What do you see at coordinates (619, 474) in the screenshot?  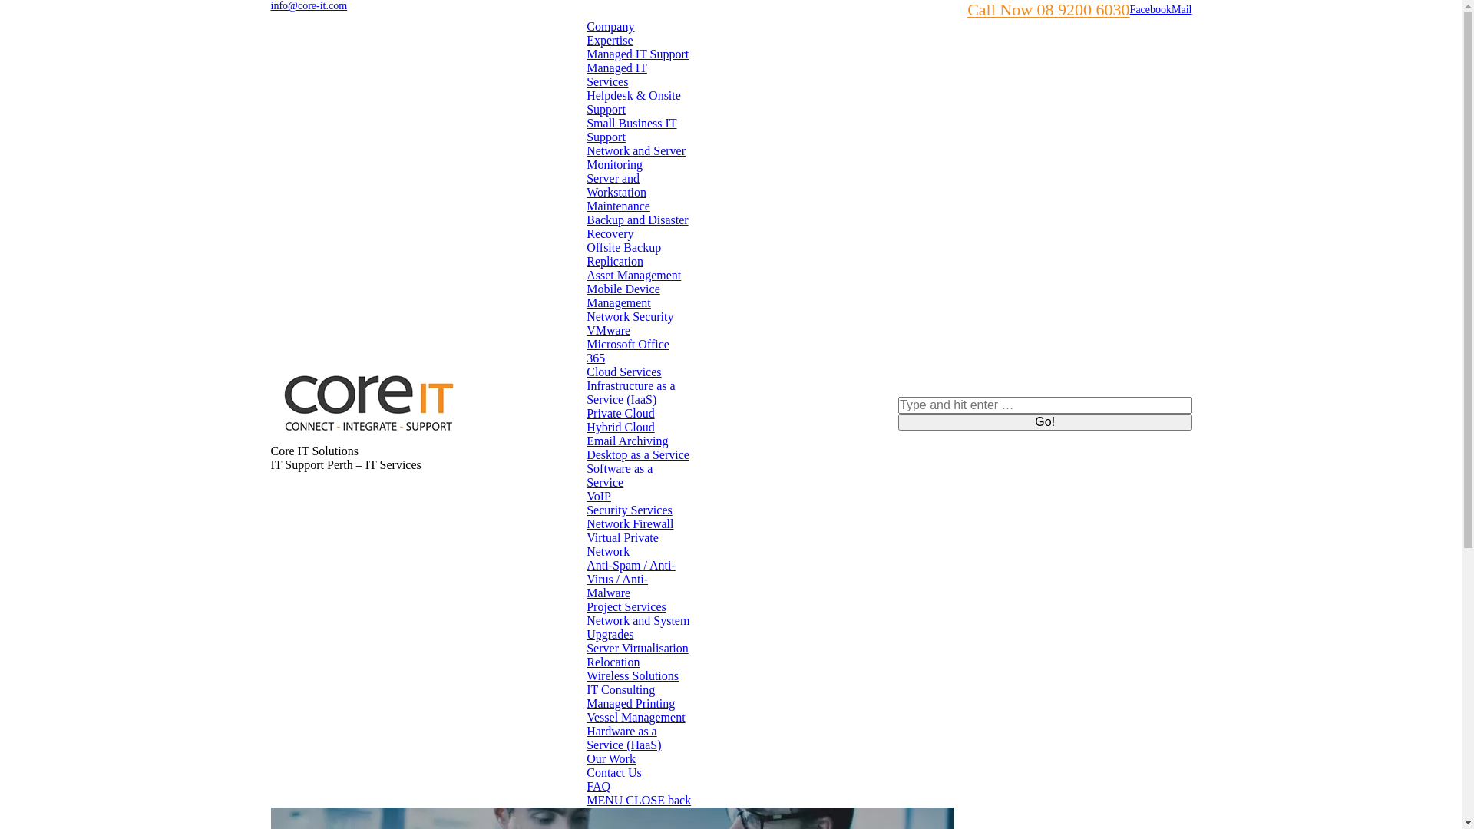 I see `'Software as a Service'` at bounding box center [619, 474].